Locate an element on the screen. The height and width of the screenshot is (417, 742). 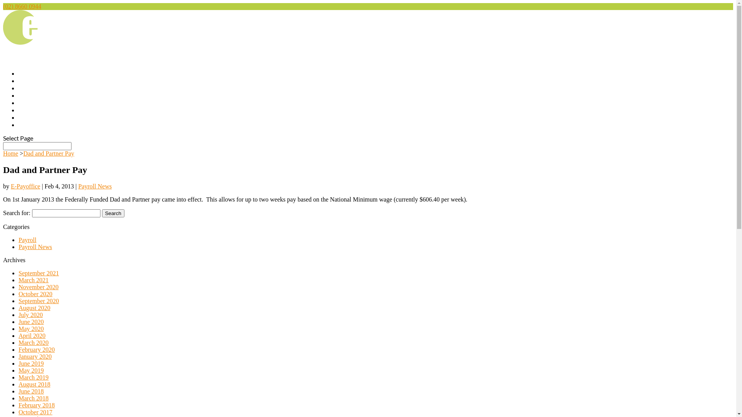
'April 2020' is located at coordinates (19, 335).